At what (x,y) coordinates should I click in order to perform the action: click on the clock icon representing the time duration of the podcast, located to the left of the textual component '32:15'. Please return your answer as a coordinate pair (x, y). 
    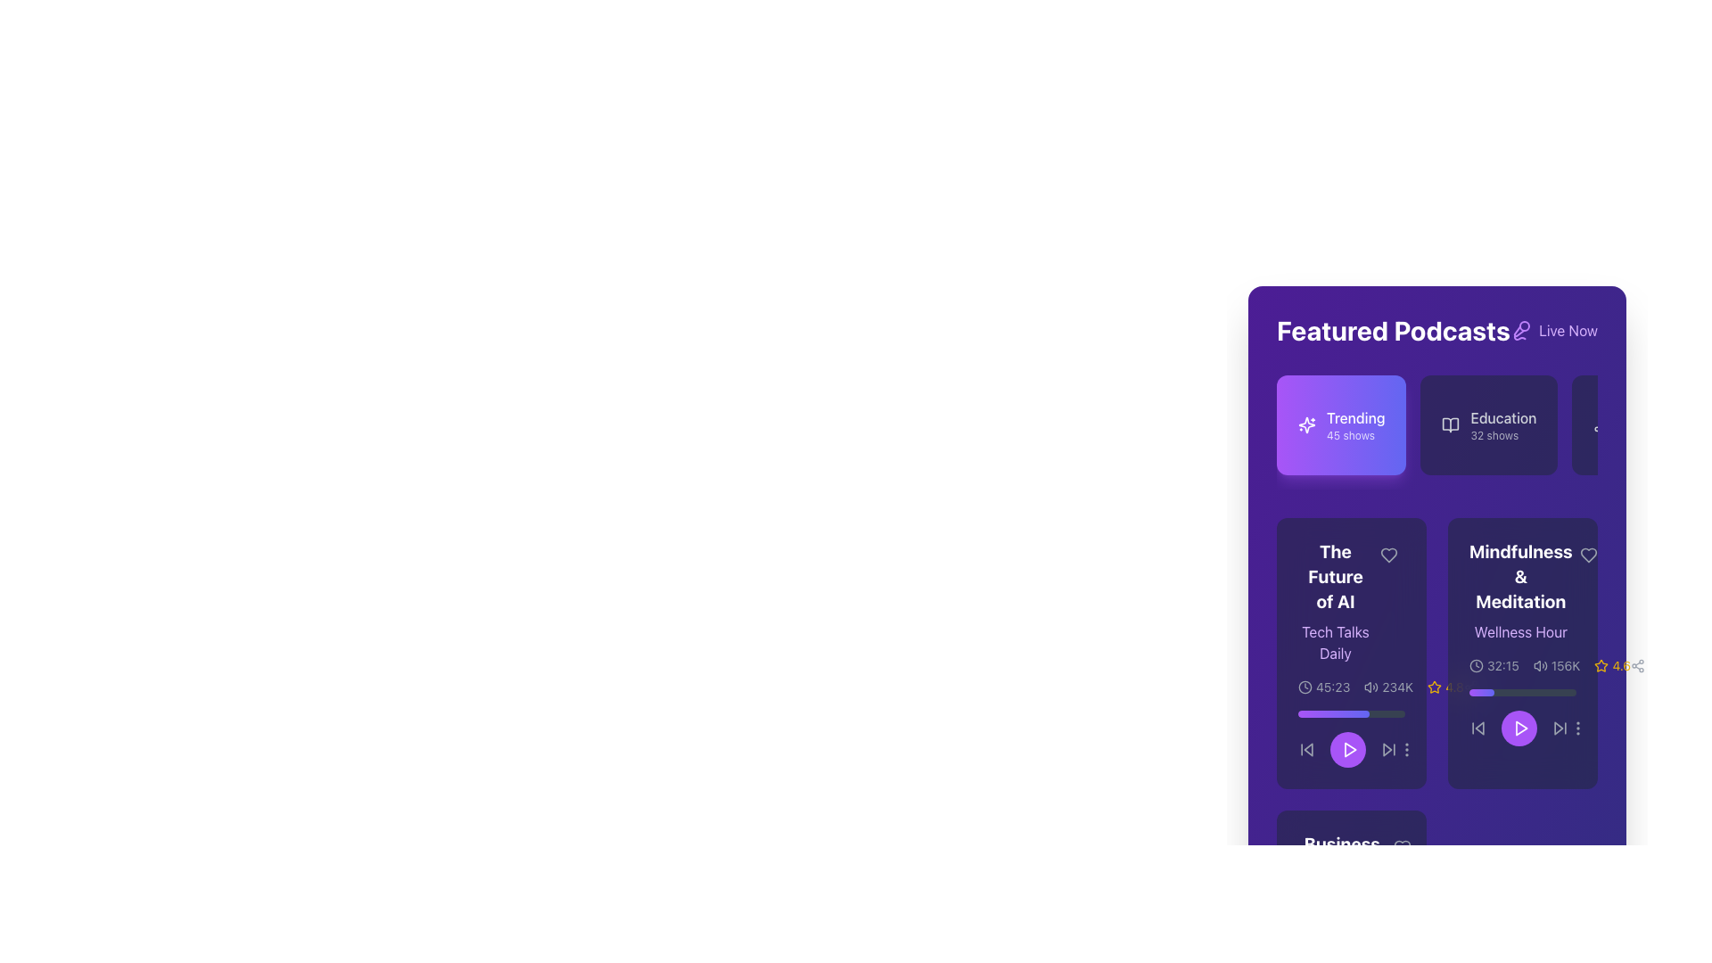
    Looking at the image, I should click on (1477, 666).